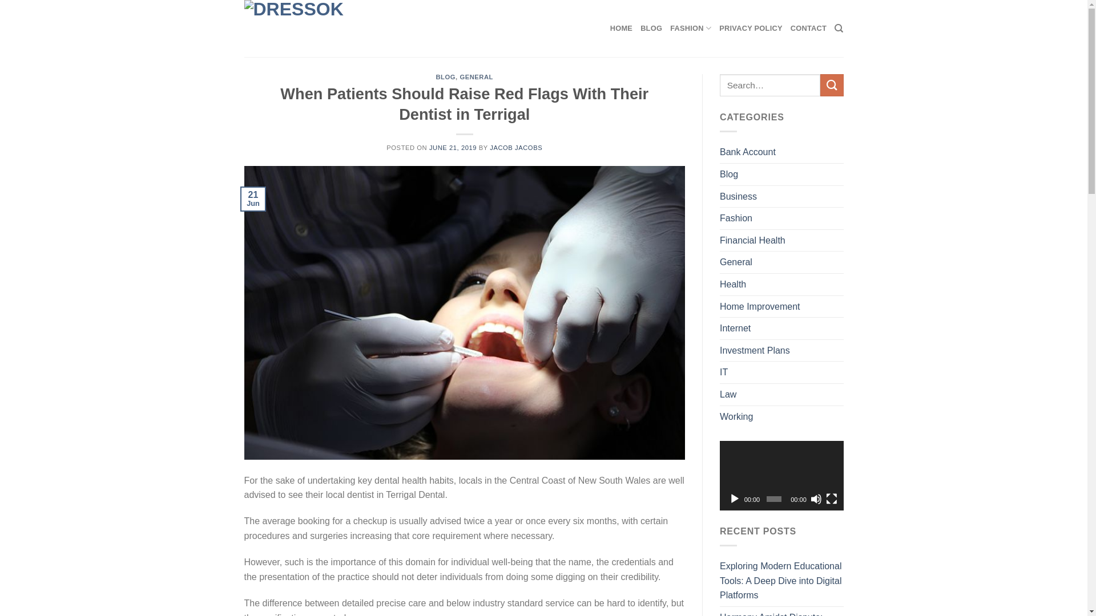  I want to click on 'HOME', so click(620, 28).